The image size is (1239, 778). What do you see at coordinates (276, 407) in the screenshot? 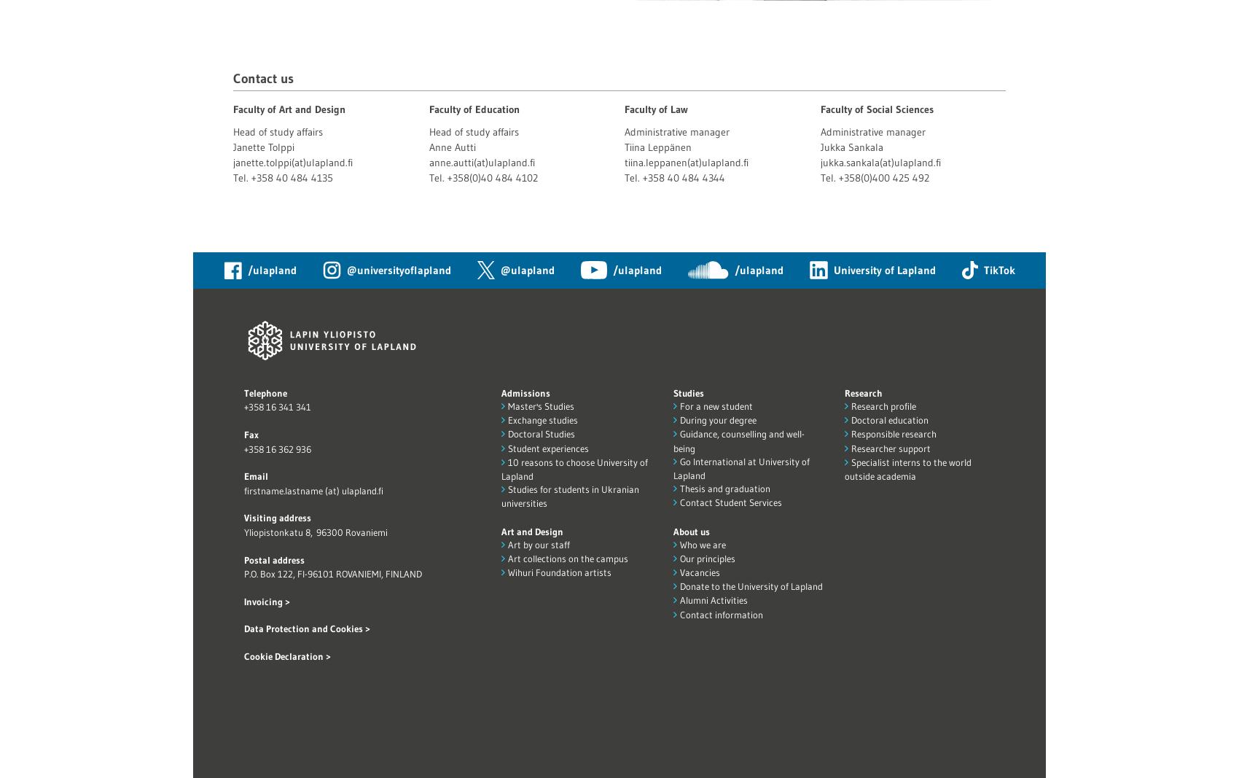
I see `'+358 16 341 341'` at bounding box center [276, 407].